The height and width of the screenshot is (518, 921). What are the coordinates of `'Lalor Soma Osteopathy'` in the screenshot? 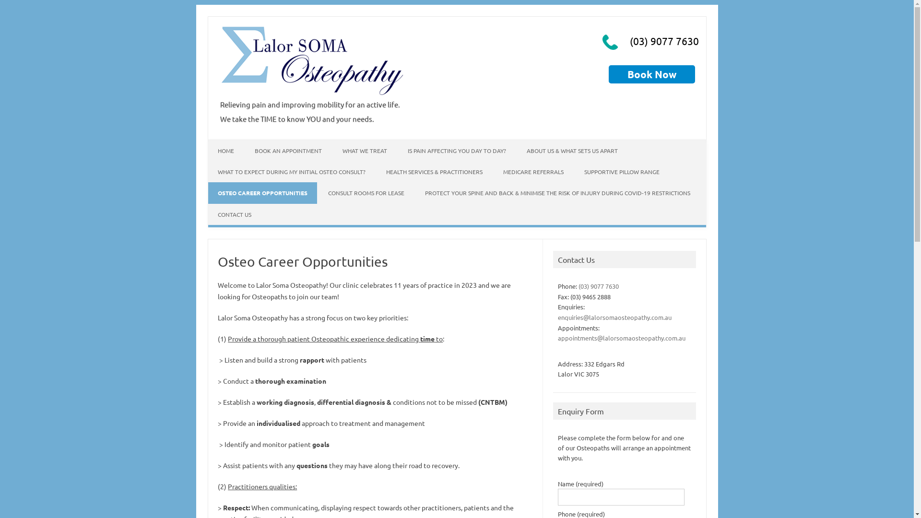 It's located at (312, 94).